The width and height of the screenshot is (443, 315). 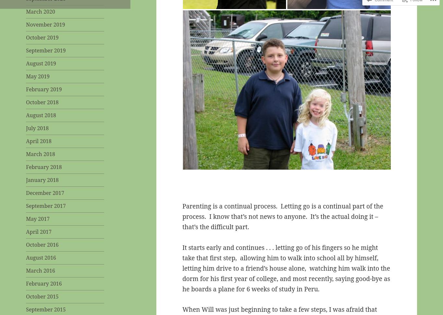 I want to click on 'October 2016', so click(x=42, y=245).